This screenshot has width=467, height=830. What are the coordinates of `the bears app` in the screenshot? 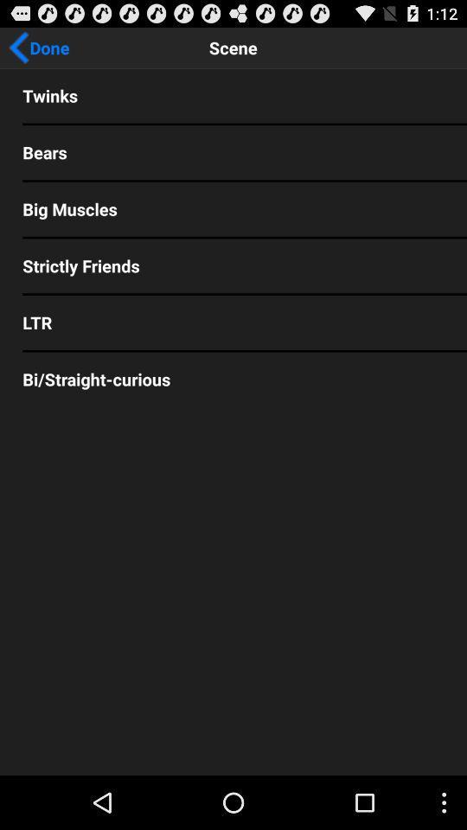 It's located at (233, 151).